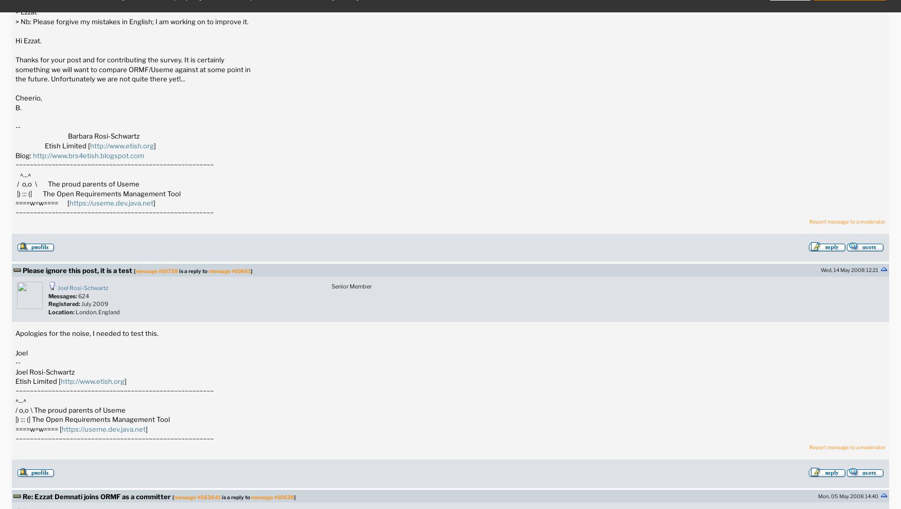 The image size is (901, 509). I want to click on '====w=w====      [', so click(38, 429).